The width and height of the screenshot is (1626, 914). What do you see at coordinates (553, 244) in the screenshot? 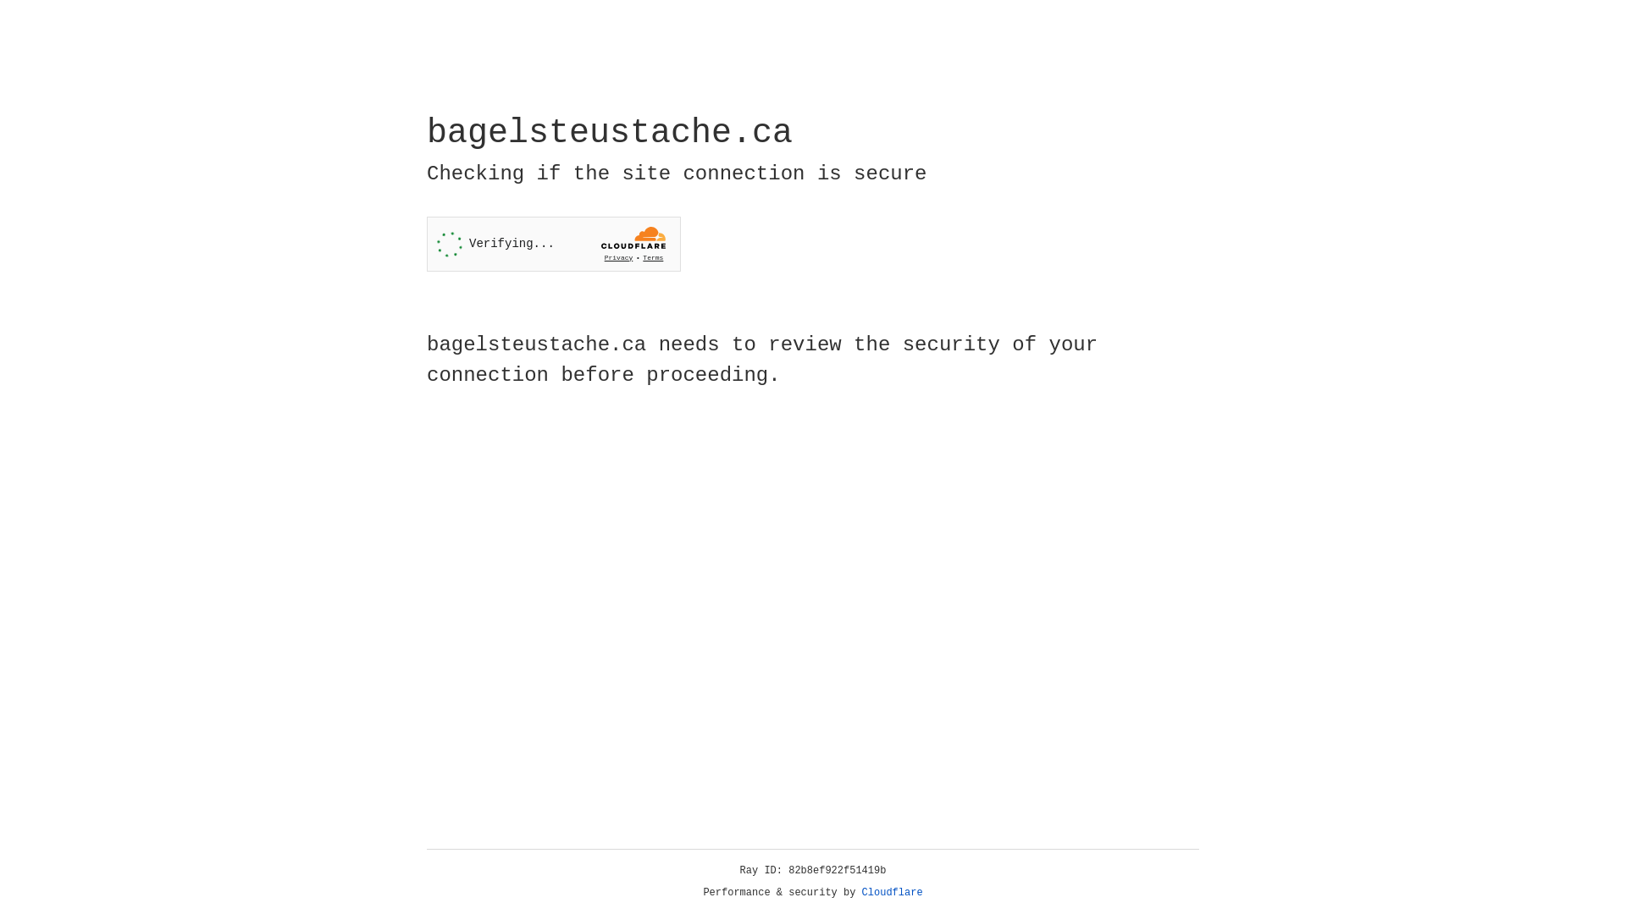
I see `'Widget containing a Cloudflare security challenge'` at bounding box center [553, 244].